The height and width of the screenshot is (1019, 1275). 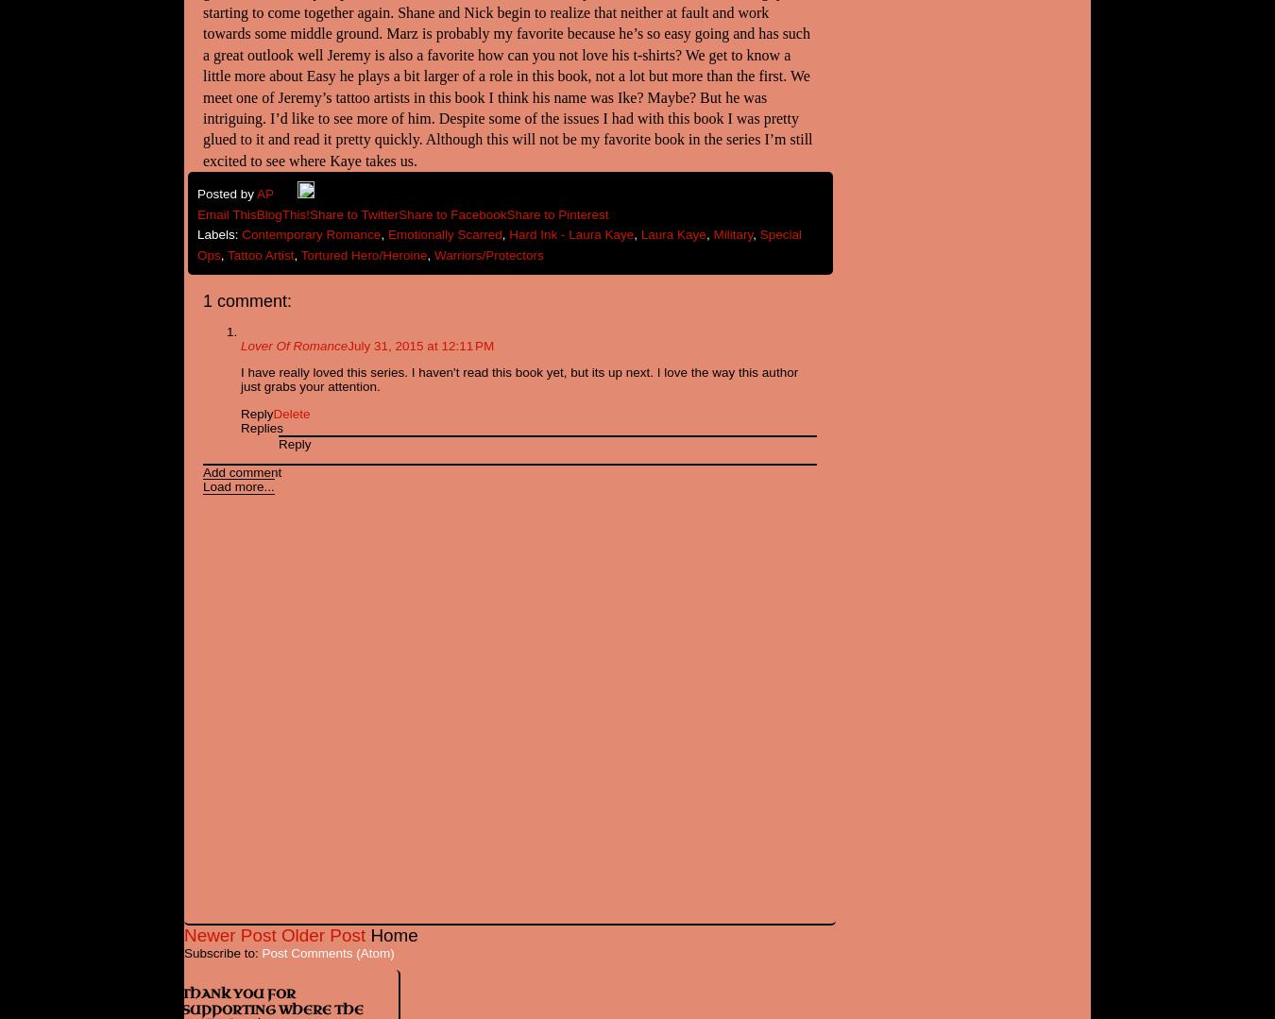 What do you see at coordinates (364, 254) in the screenshot?
I see `'Tortured Hero/Heroine'` at bounding box center [364, 254].